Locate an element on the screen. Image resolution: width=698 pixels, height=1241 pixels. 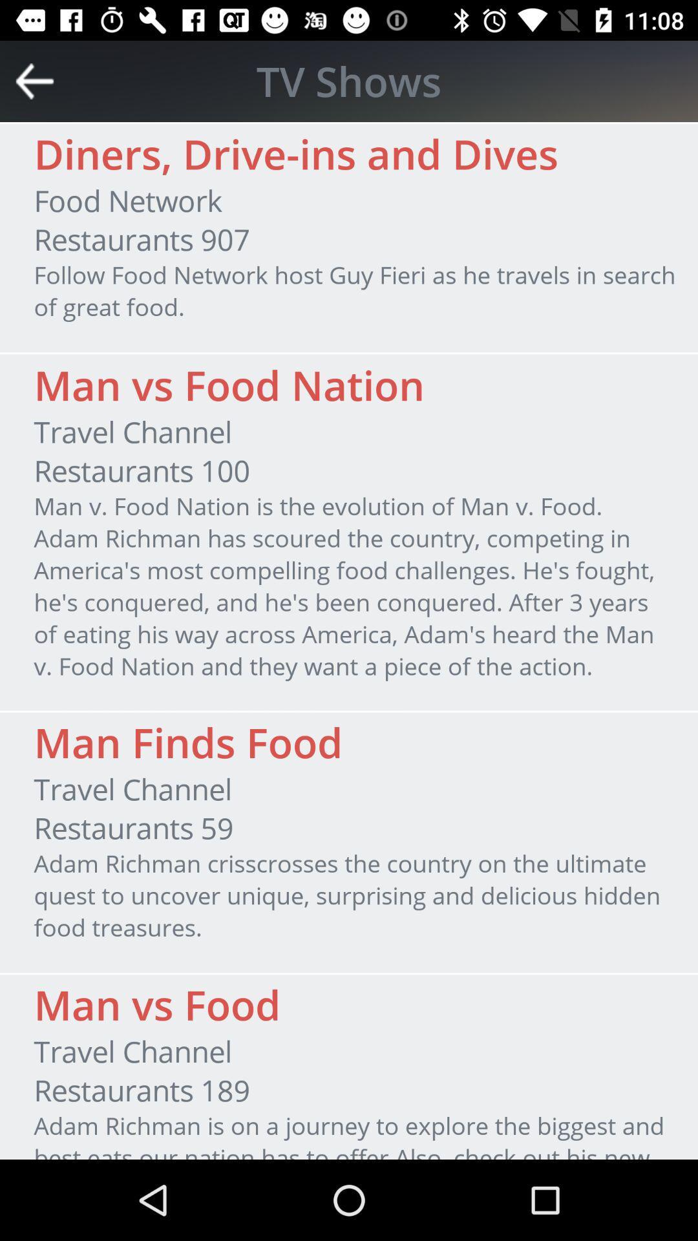
previous is located at coordinates (34, 80).